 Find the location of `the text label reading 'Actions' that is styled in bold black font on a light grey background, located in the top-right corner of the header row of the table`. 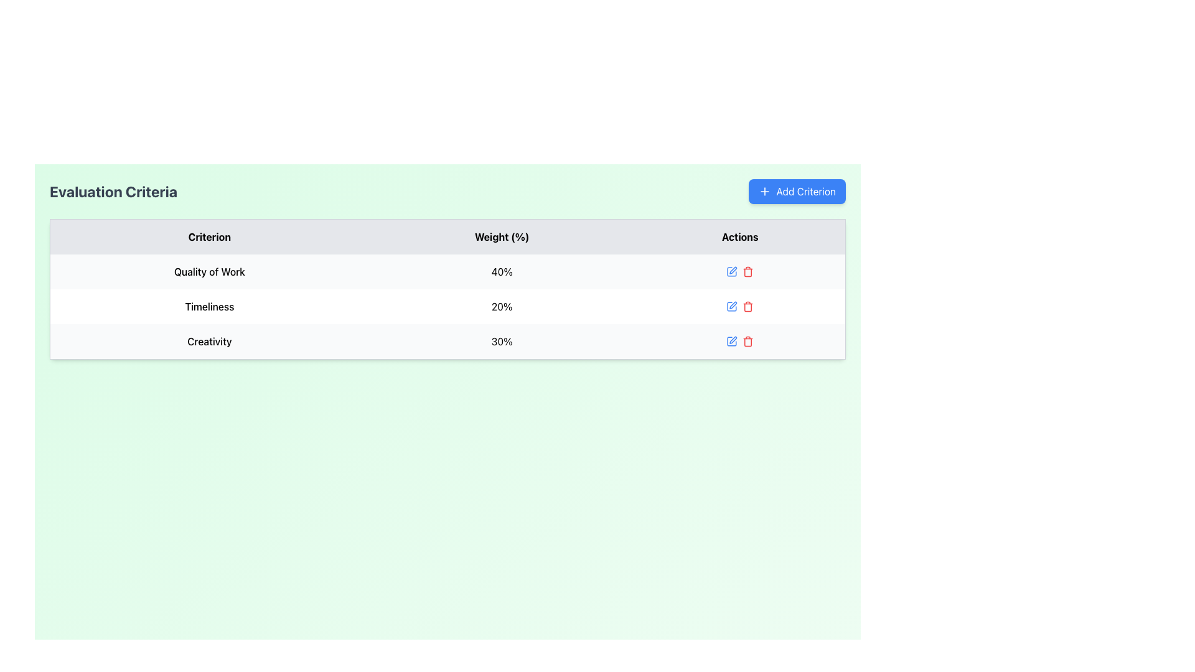

the text label reading 'Actions' that is styled in bold black font on a light grey background, located in the top-right corner of the header row of the table is located at coordinates (740, 236).